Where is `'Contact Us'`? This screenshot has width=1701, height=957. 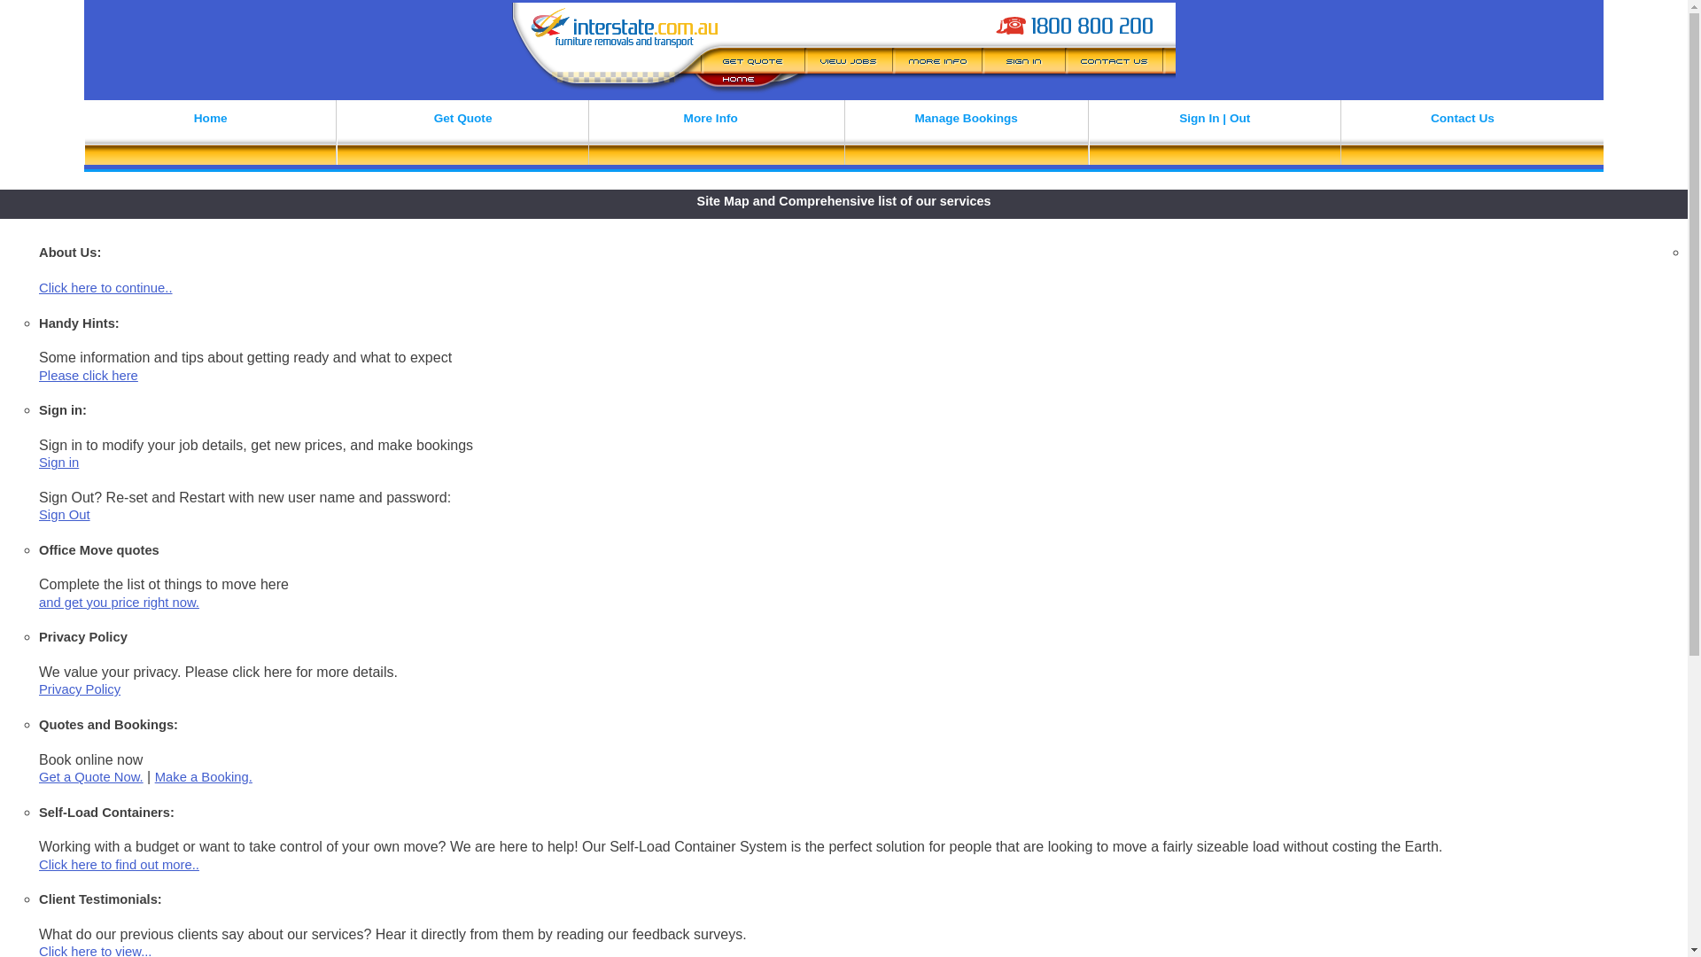 'Contact Us' is located at coordinates (1463, 135).